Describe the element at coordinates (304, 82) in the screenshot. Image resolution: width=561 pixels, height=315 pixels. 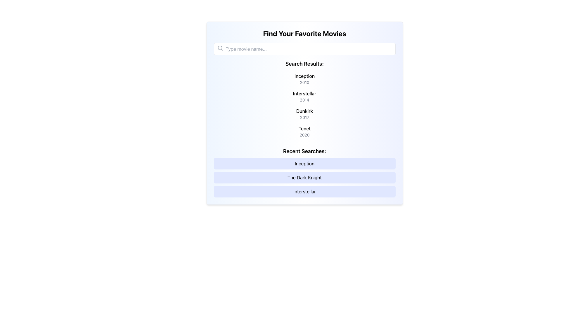
I see `the static text label displaying the year '2010', which is in gray color and located below the movie title 'Inception' in the search results section` at that location.